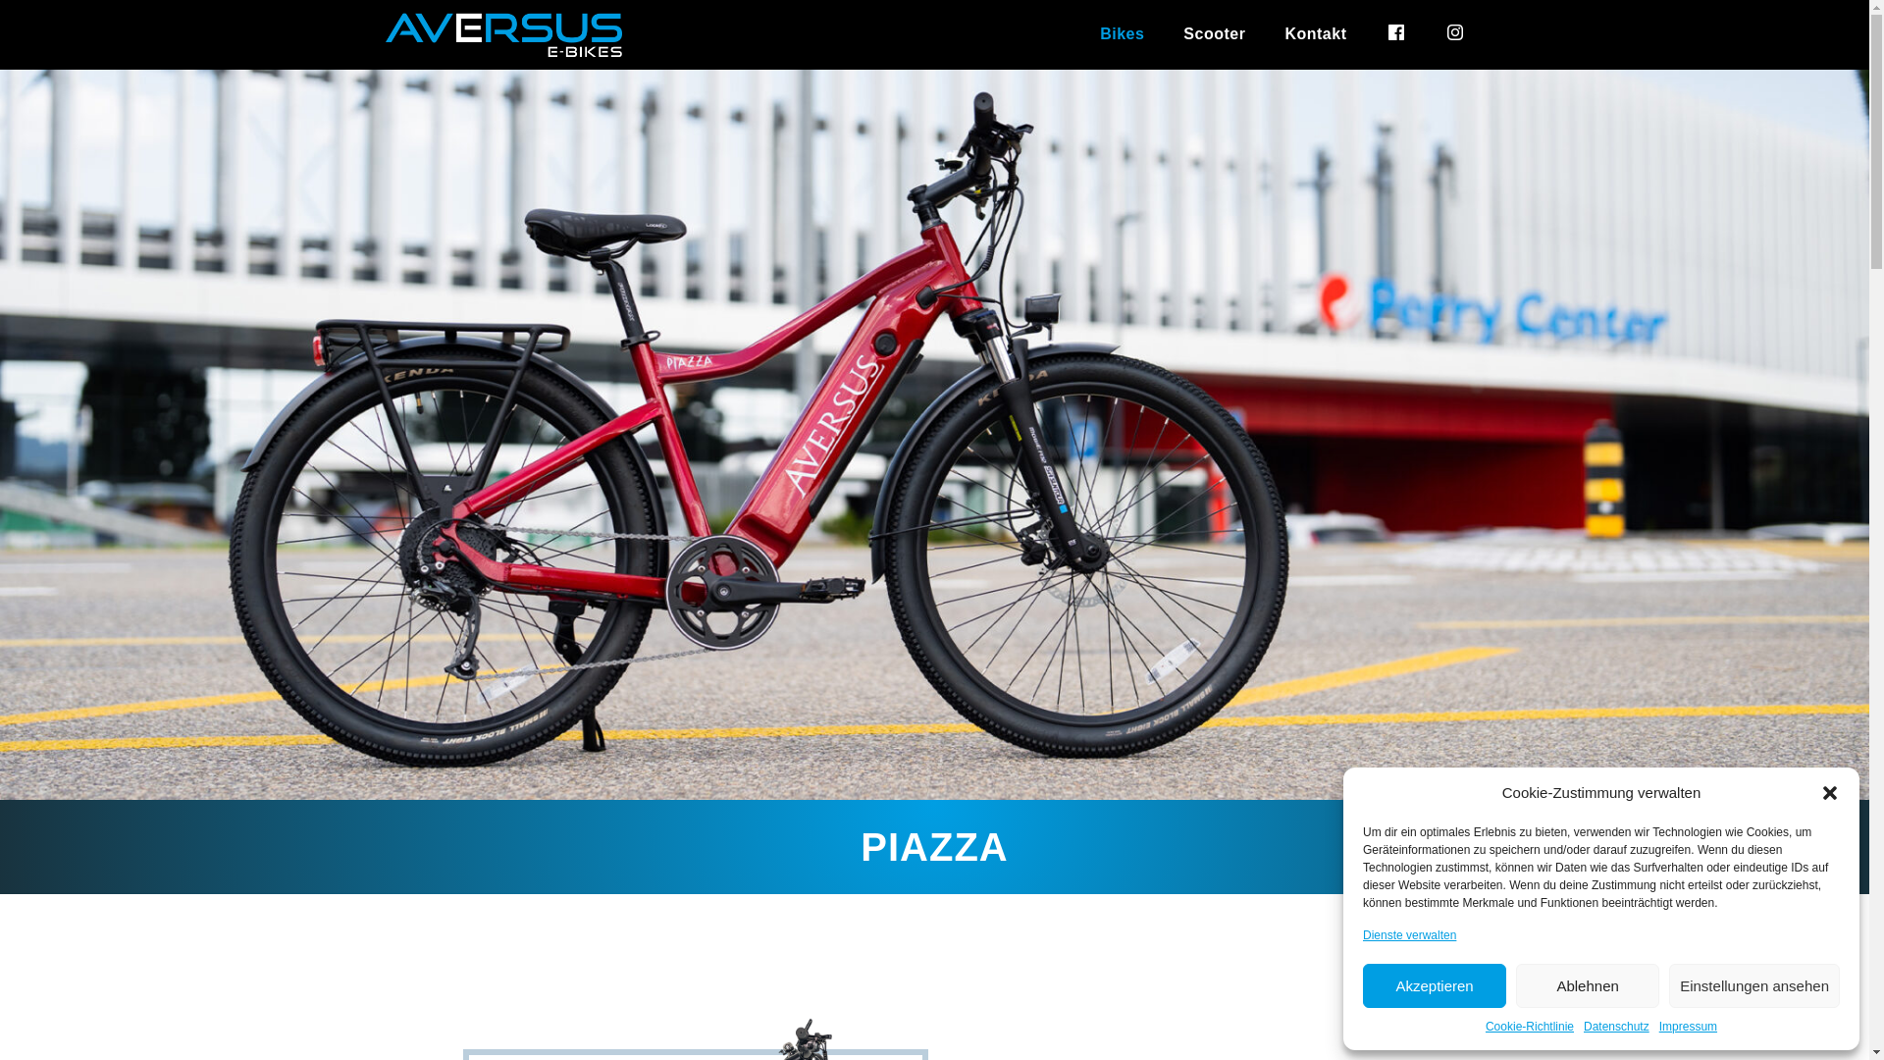 The height and width of the screenshot is (1060, 1884). What do you see at coordinates (1454, 33) in the screenshot?
I see `'instagram'` at bounding box center [1454, 33].